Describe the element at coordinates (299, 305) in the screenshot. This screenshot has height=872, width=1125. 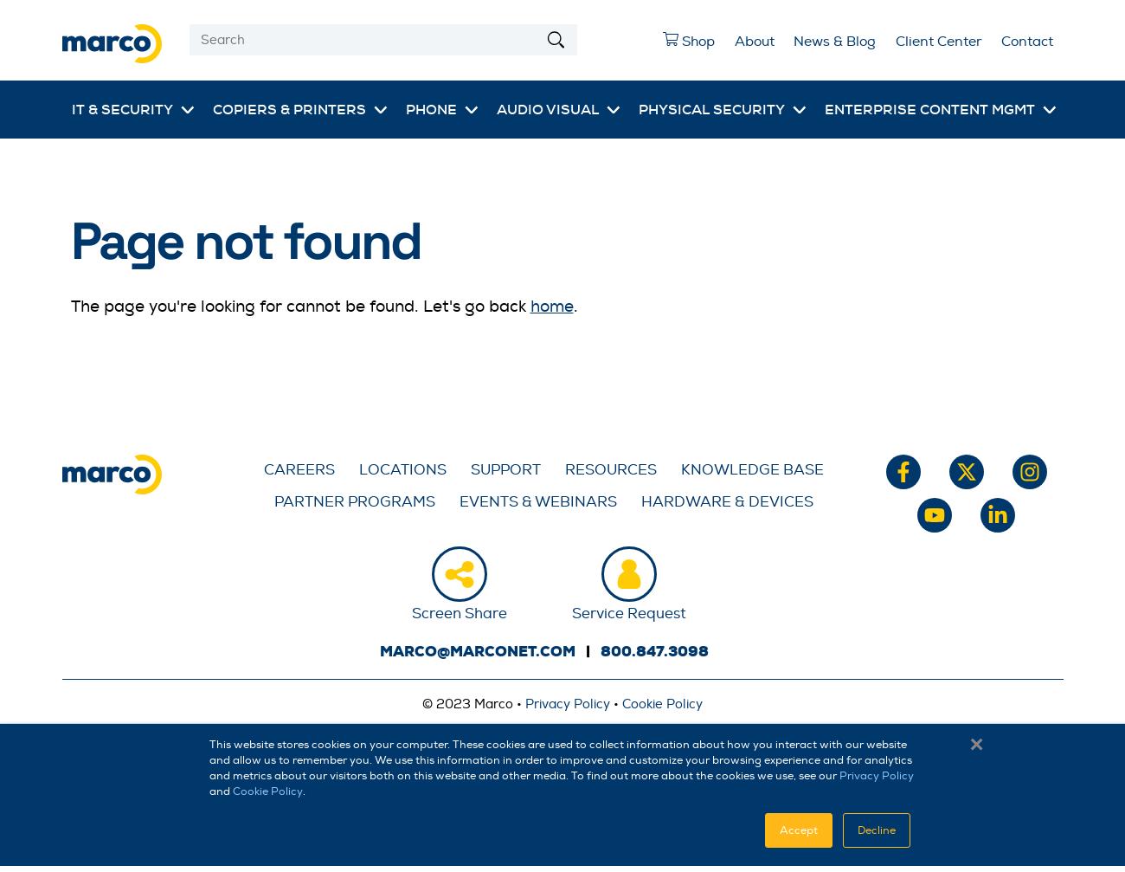
I see `'The page you're looking for cannot be found. Let's go back'` at that location.